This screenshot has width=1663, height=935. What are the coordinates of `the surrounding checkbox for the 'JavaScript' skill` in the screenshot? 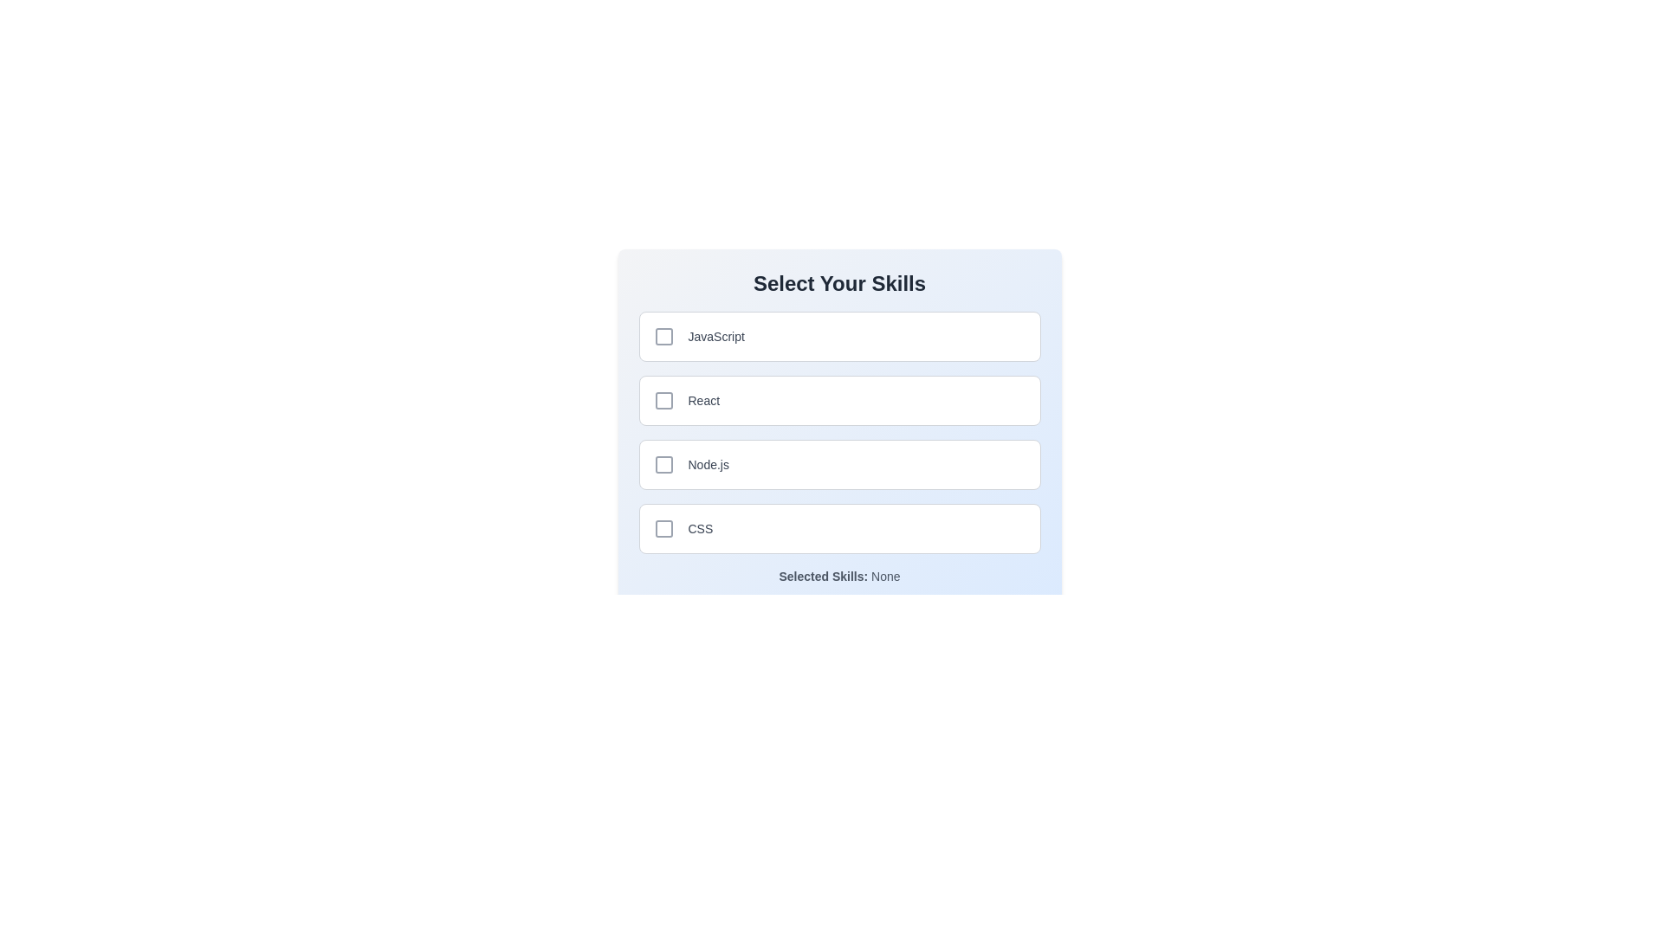 It's located at (663, 337).